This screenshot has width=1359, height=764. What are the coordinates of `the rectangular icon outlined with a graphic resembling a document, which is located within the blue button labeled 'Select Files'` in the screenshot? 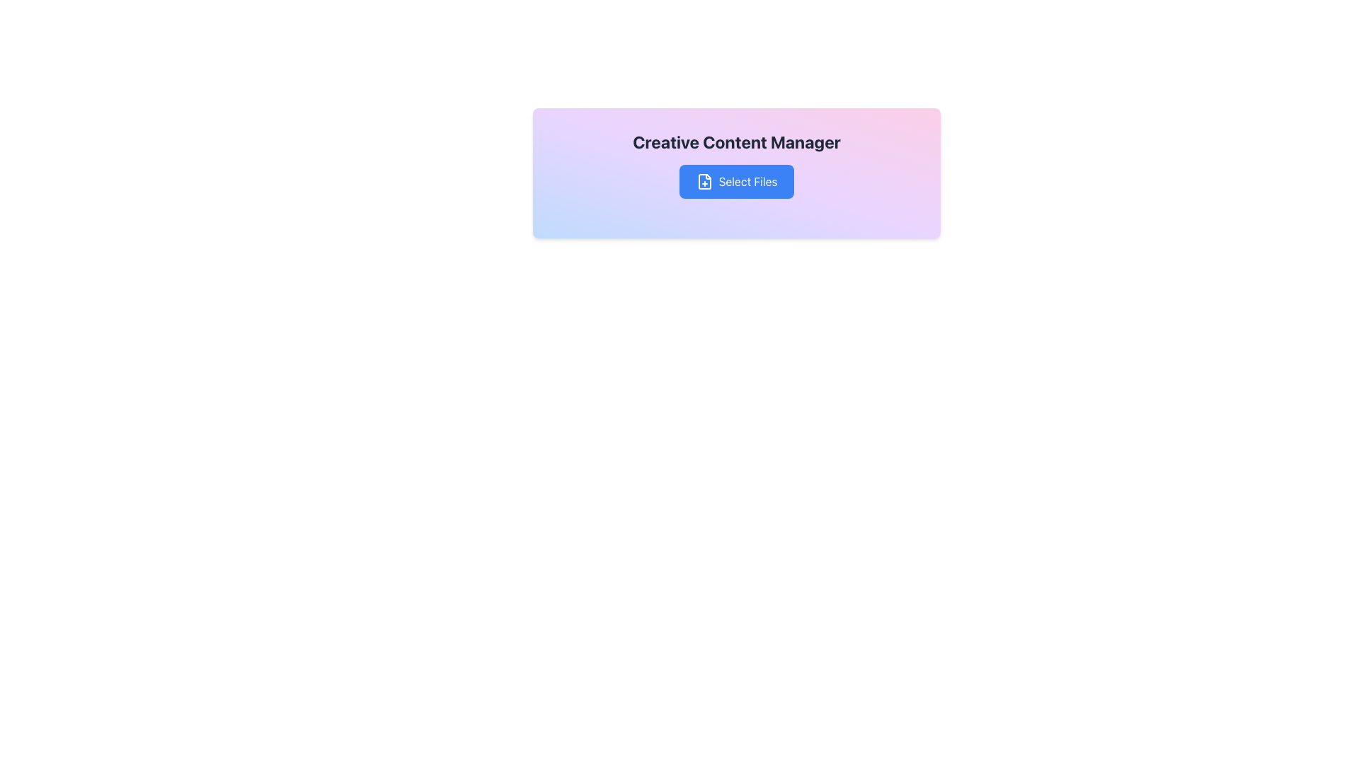 It's located at (704, 181).